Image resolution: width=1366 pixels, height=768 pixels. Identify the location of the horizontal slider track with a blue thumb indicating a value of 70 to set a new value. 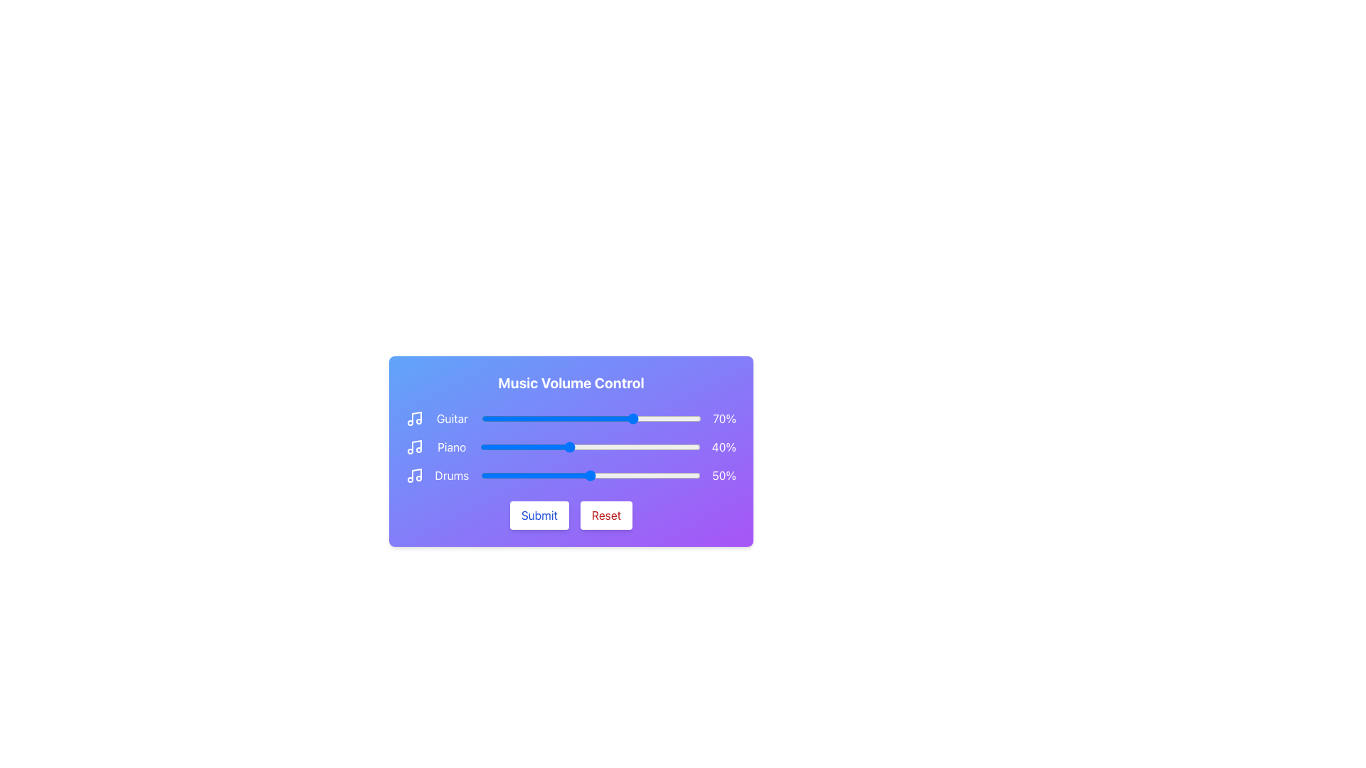
(591, 418).